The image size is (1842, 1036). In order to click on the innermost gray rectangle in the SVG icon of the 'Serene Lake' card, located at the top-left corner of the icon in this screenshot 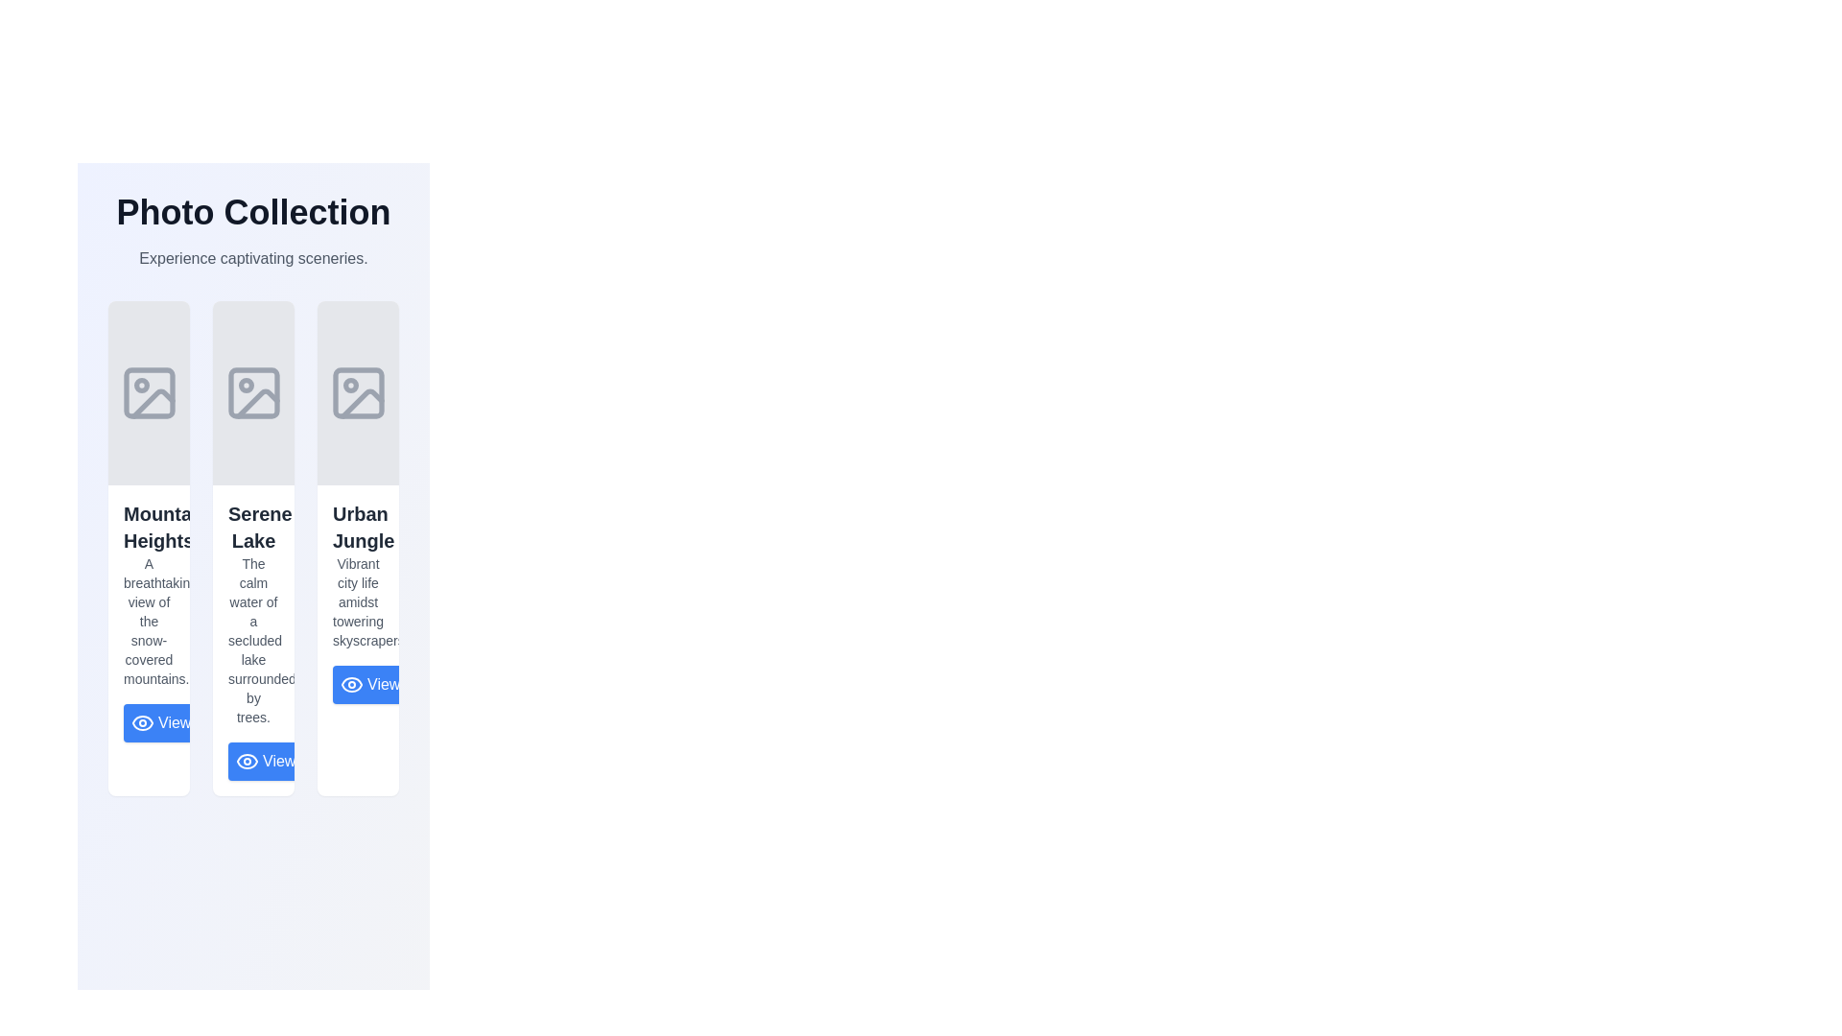, I will do `click(252, 391)`.